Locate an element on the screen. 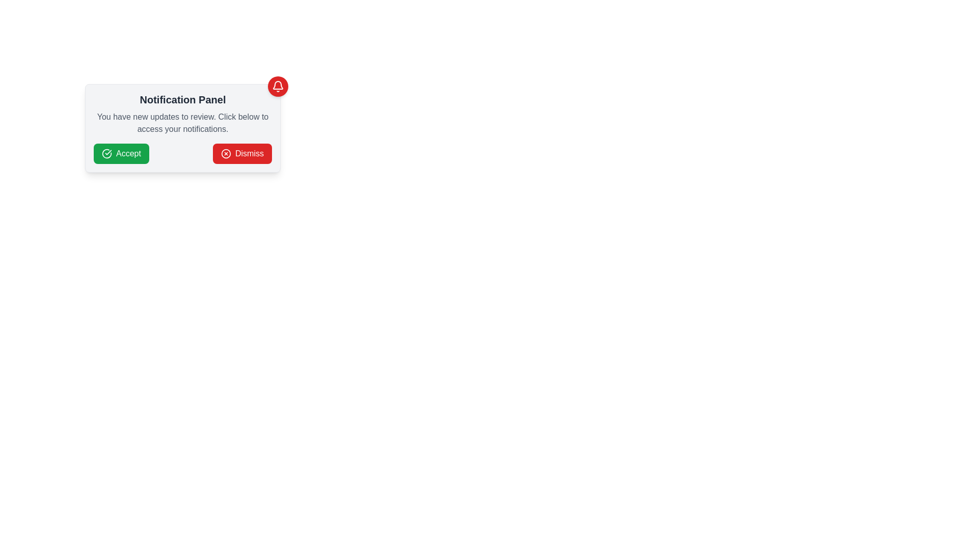 Image resolution: width=978 pixels, height=550 pixels. the notification icon located in the top-right corner of the notification panel, which is represented by a red circular badge is located at coordinates (278, 86).